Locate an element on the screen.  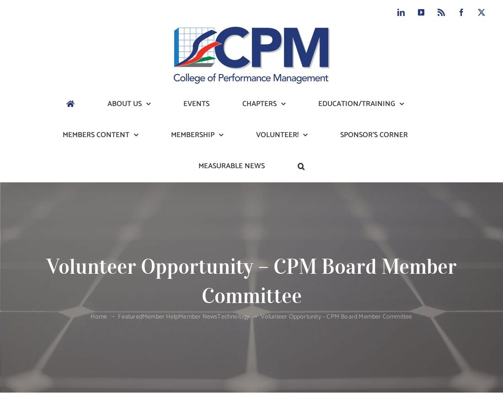
'SPONSOR’S CORNER' is located at coordinates (373, 135).